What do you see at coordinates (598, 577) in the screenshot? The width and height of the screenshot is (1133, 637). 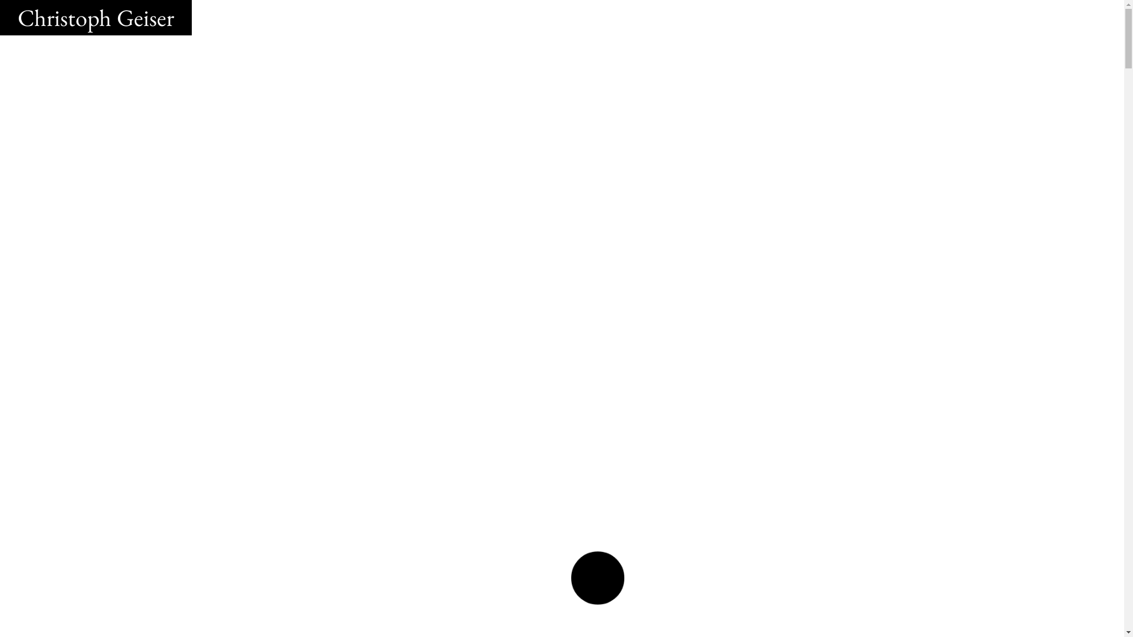 I see `'START'` at bounding box center [598, 577].